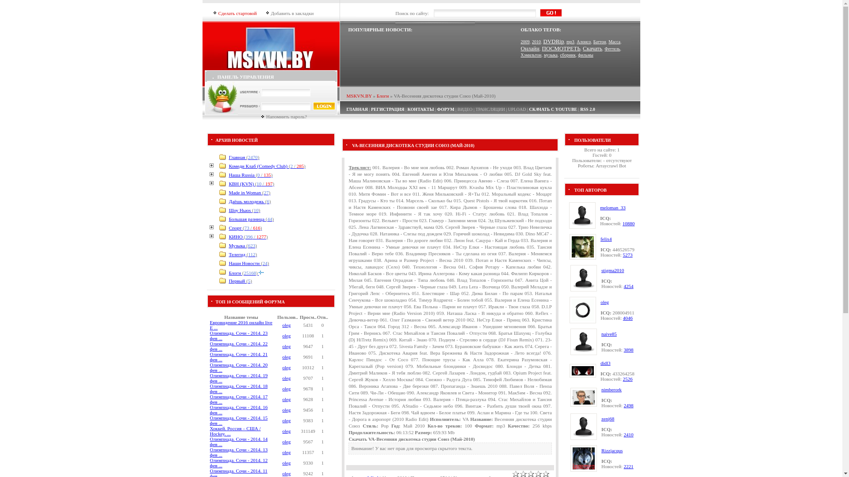  What do you see at coordinates (536, 42) in the screenshot?
I see `'2010'` at bounding box center [536, 42].